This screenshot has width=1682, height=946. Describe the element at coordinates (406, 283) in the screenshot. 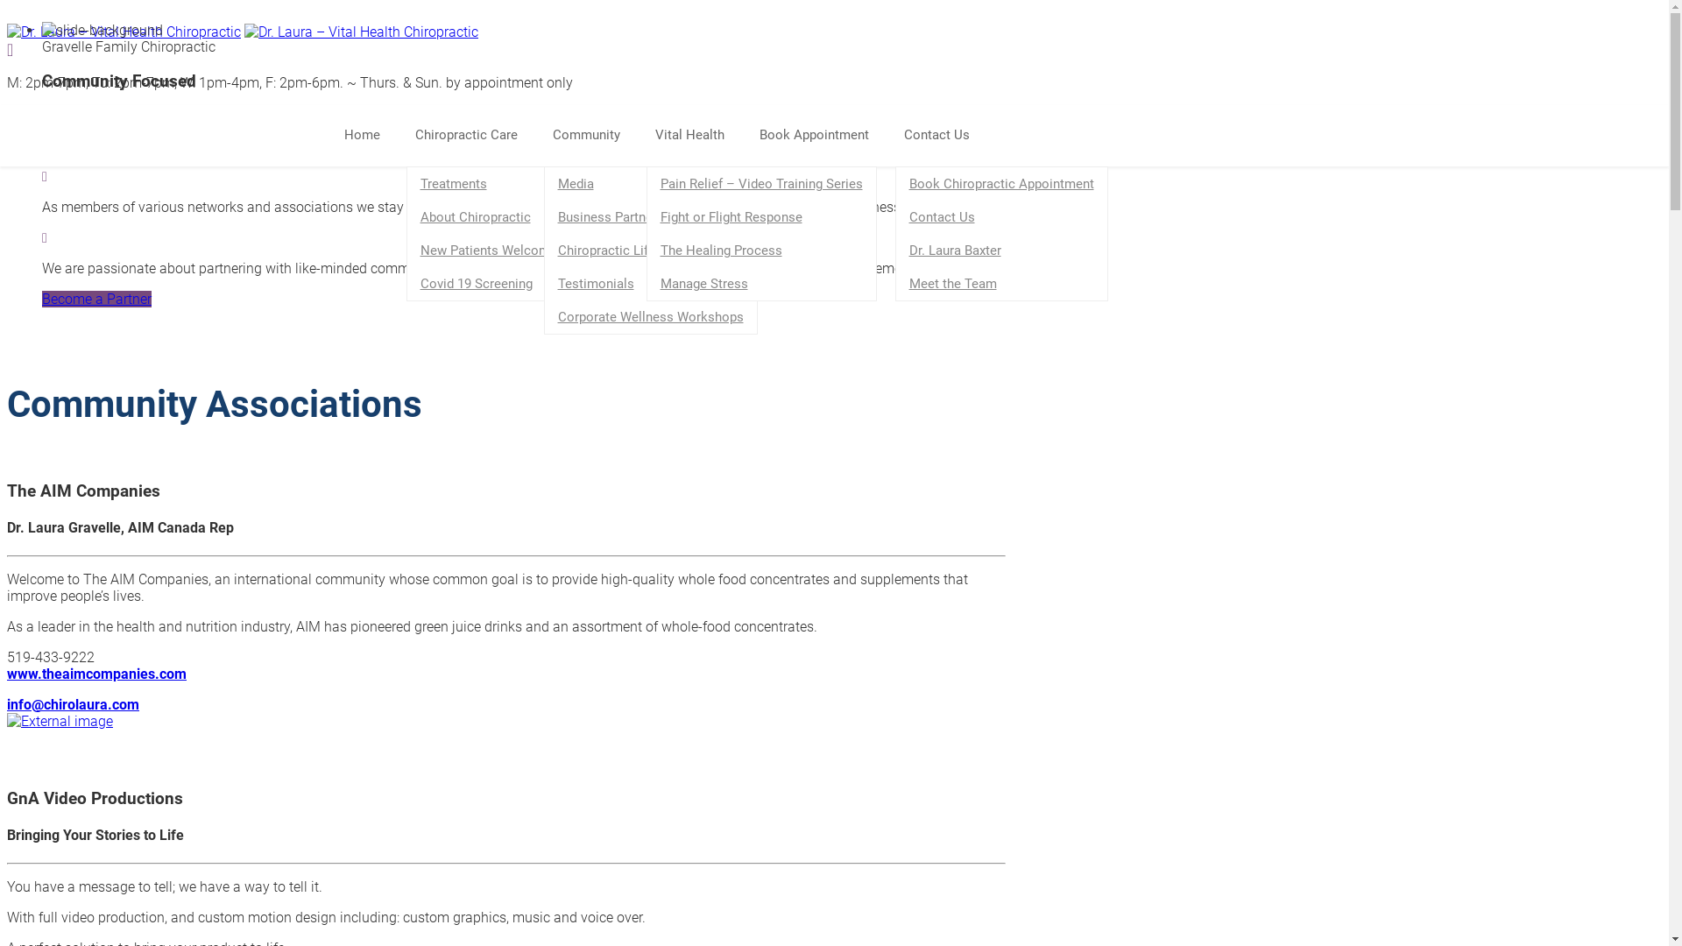

I see `'Covid 19 Screening'` at that location.